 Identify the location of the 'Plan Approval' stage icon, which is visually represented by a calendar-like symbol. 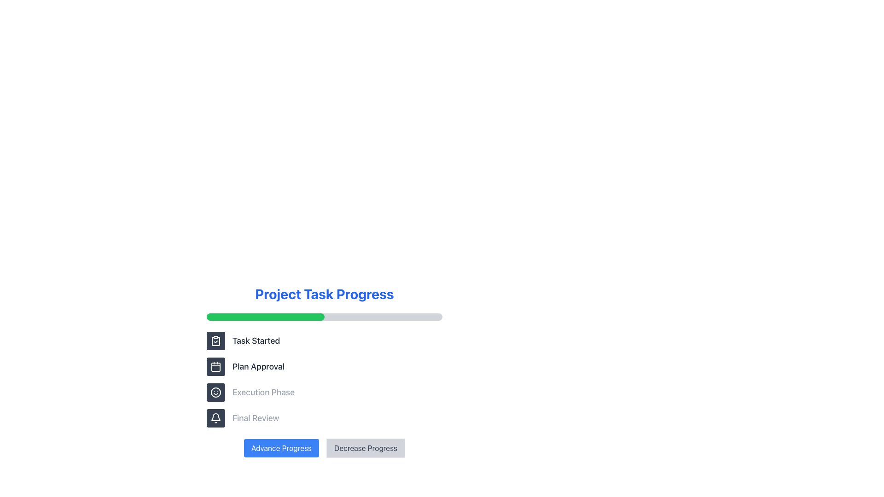
(215, 366).